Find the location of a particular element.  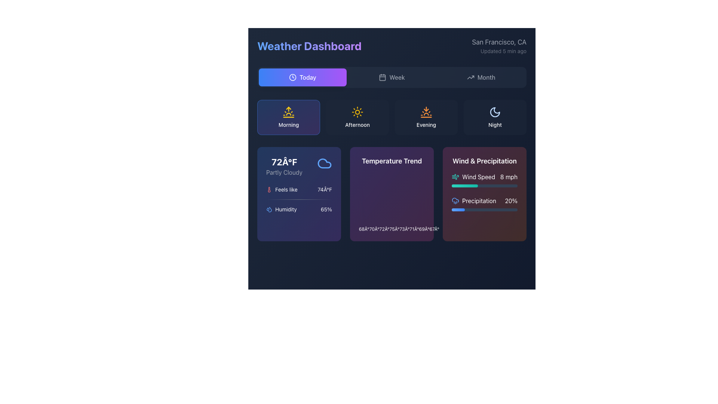

the text label displaying '67Â°' in a tiny font size, which is styled with a white color on a dark background, positioned at the bottom of the 'Temperature Trend' widget is located at coordinates (434, 229).